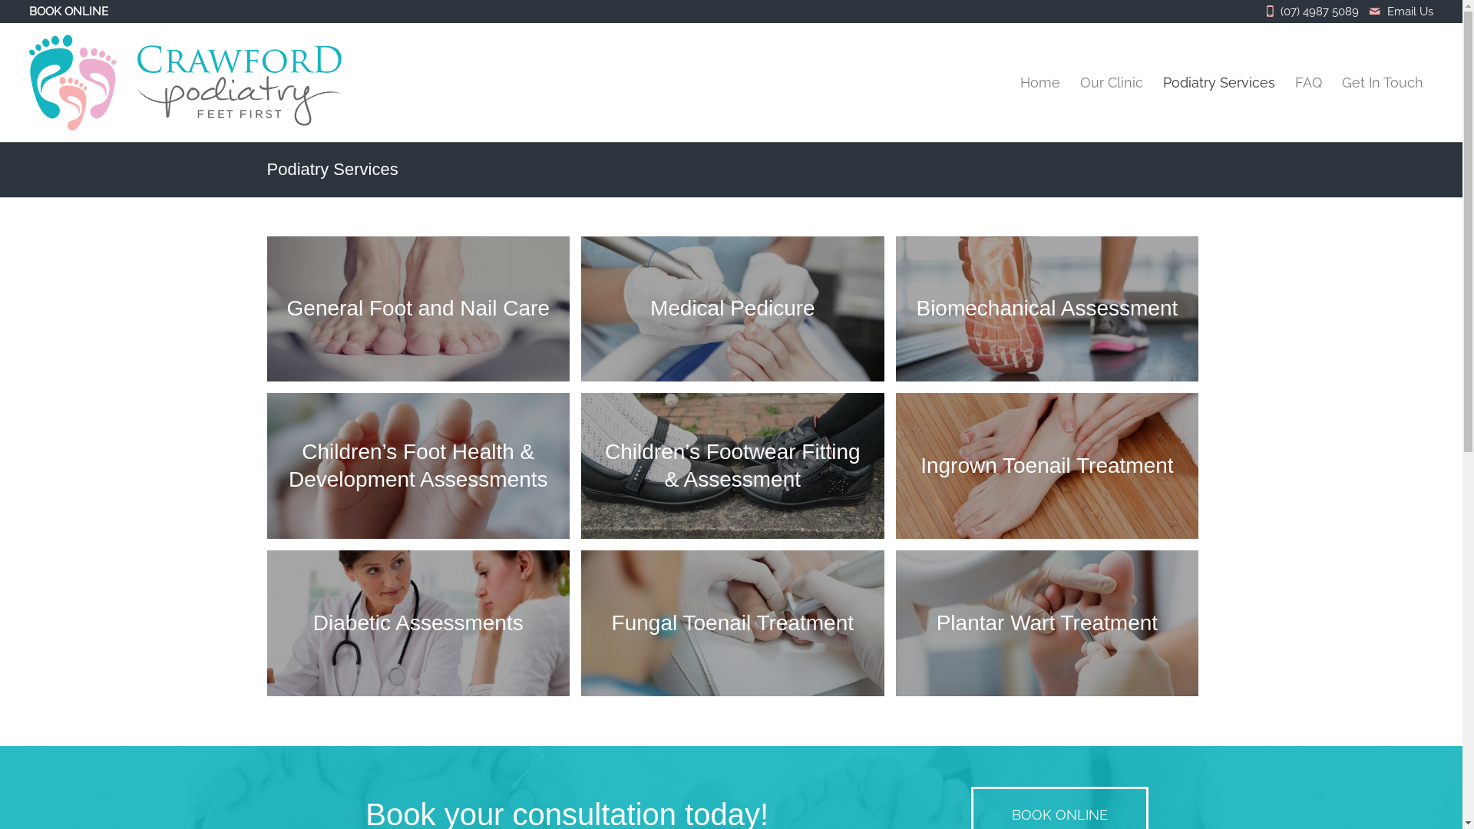 This screenshot has height=829, width=1474. What do you see at coordinates (1112, 82) in the screenshot?
I see `'Our Clinic'` at bounding box center [1112, 82].